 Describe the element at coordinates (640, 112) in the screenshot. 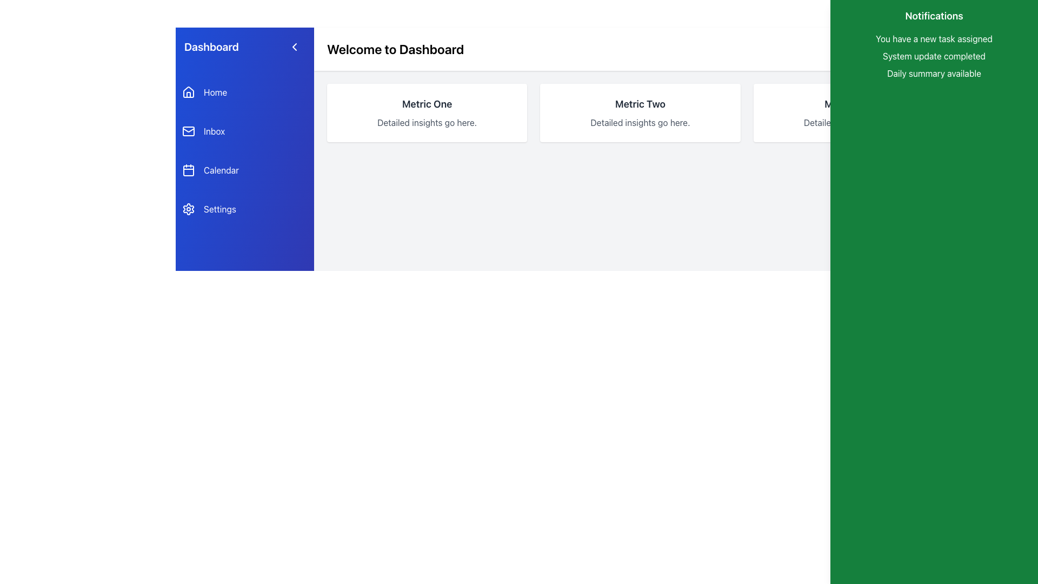

I see `the Display Card labeled 'Metric Two', which presents a metric and a brief description, located in the middle of three horizontally arranged cards` at that location.